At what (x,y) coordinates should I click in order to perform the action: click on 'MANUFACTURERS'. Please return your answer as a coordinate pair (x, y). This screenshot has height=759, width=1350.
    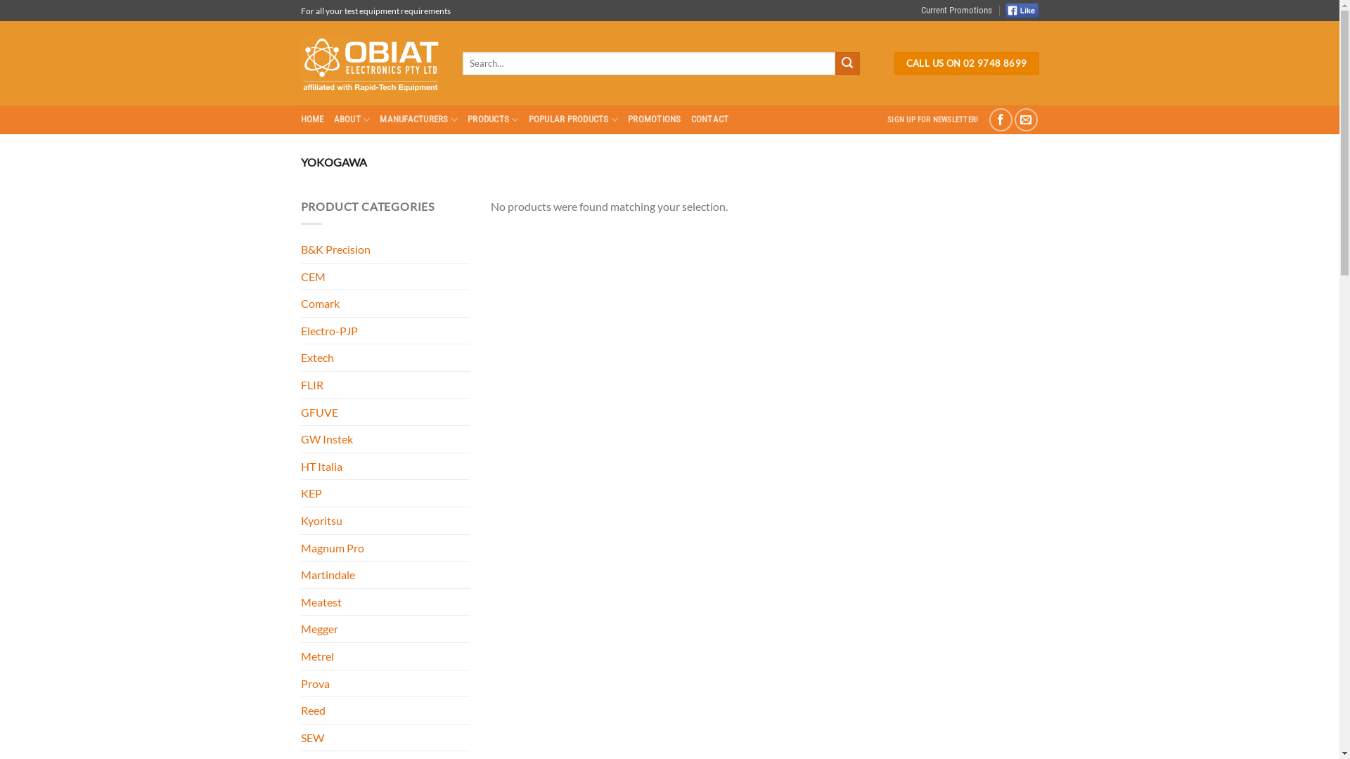
    Looking at the image, I should click on (418, 118).